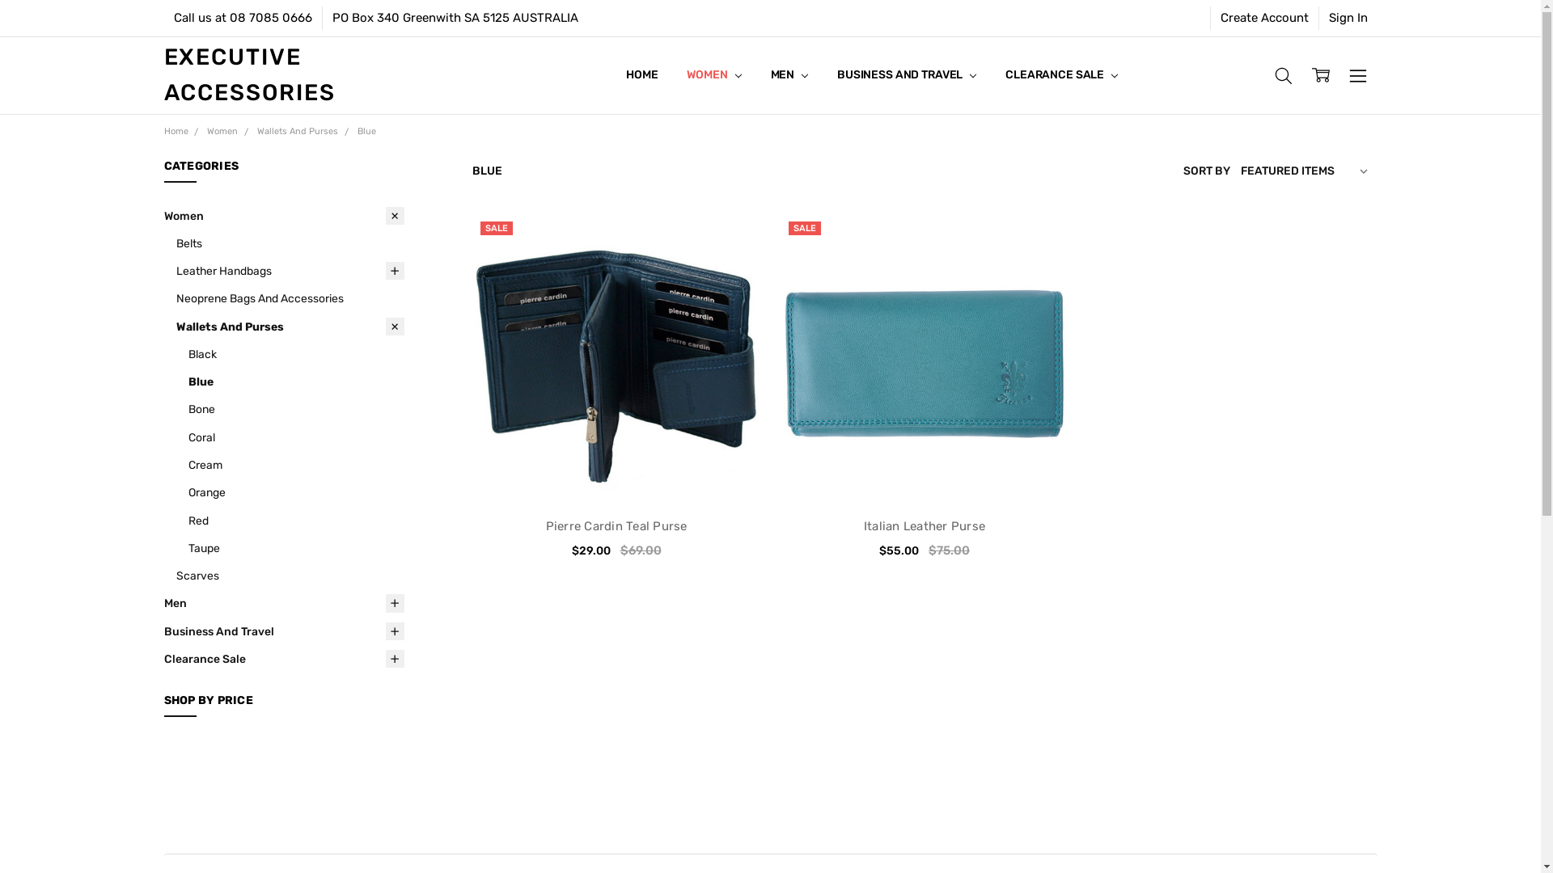  Describe the element at coordinates (187, 407) in the screenshot. I see `'Bone'` at that location.